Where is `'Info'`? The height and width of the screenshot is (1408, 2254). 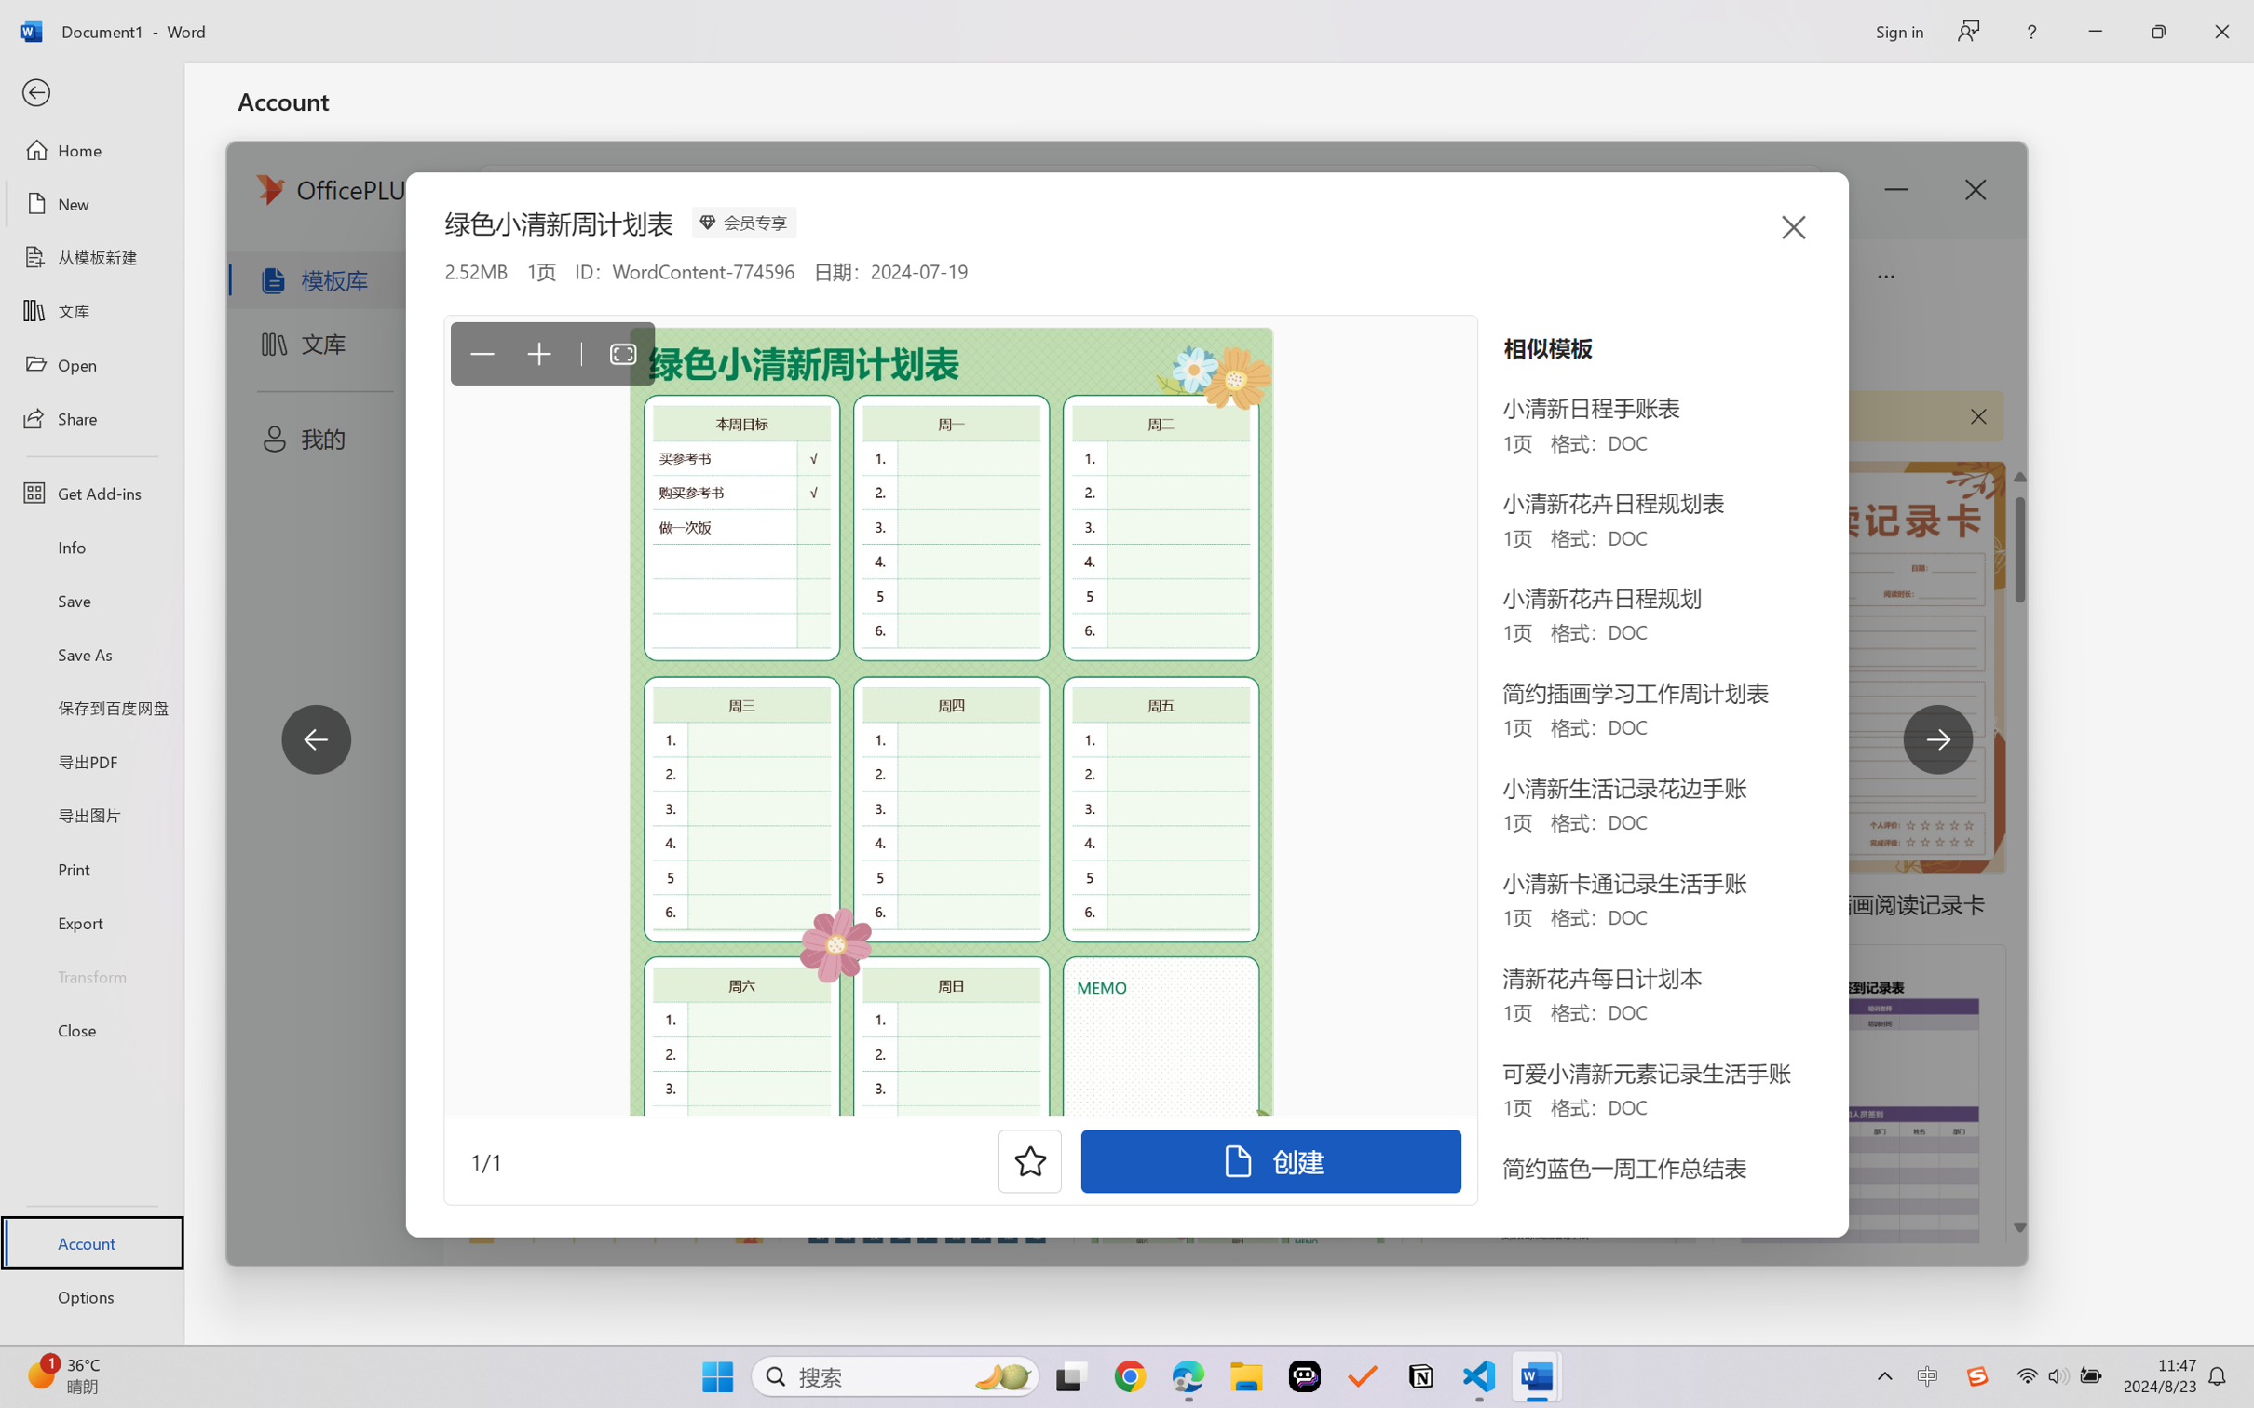 'Info' is located at coordinates (90, 546).